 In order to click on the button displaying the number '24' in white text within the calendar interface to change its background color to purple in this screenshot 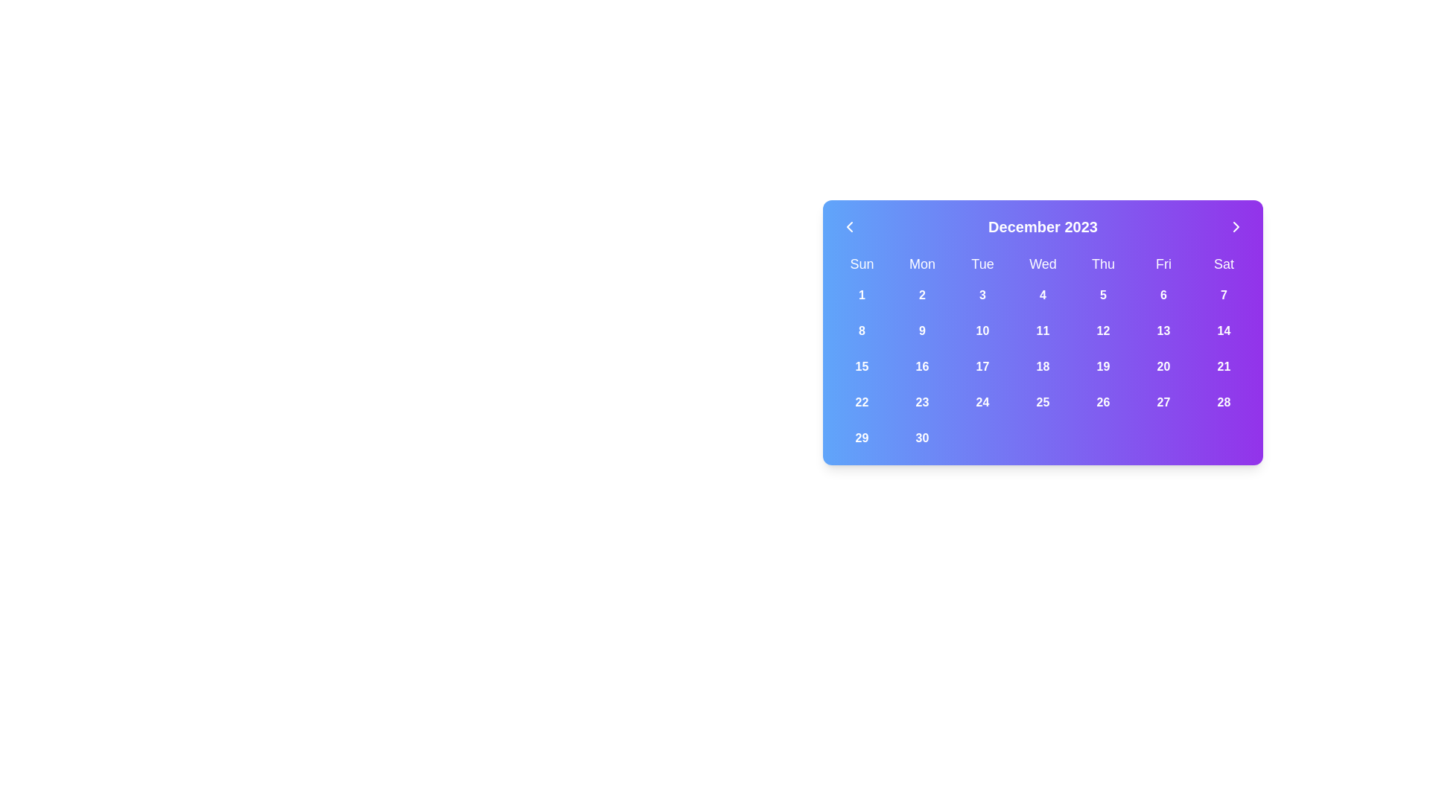, I will do `click(982, 402)`.